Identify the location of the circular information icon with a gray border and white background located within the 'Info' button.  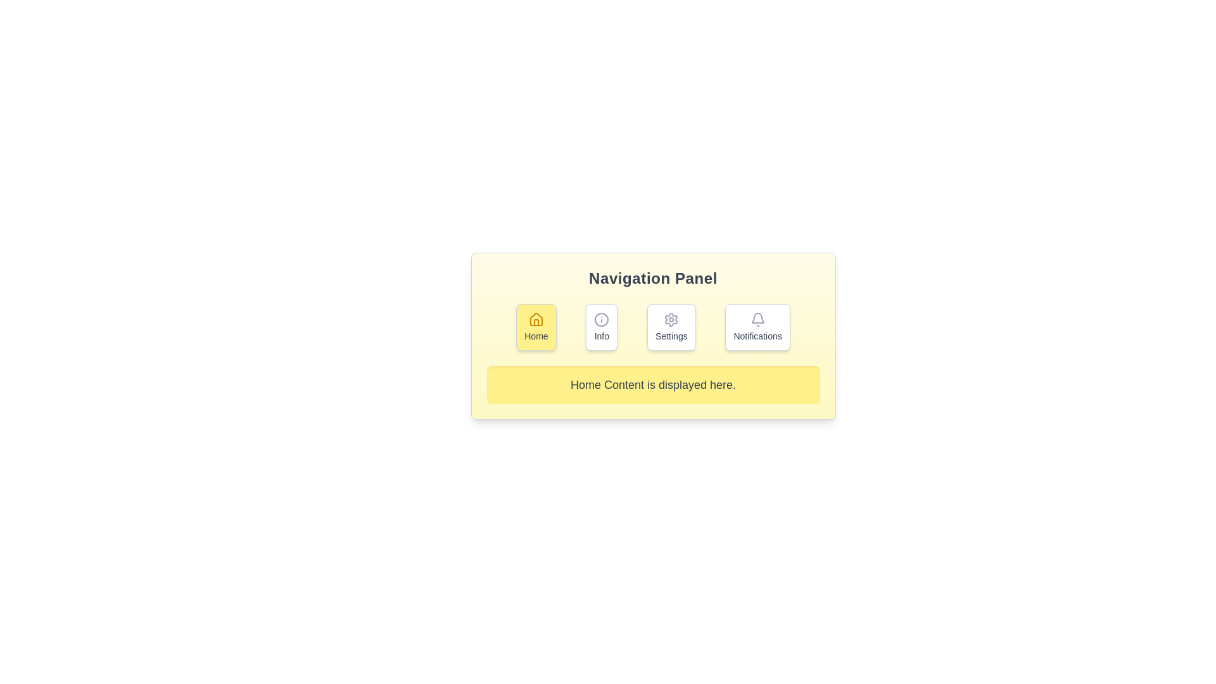
(601, 319).